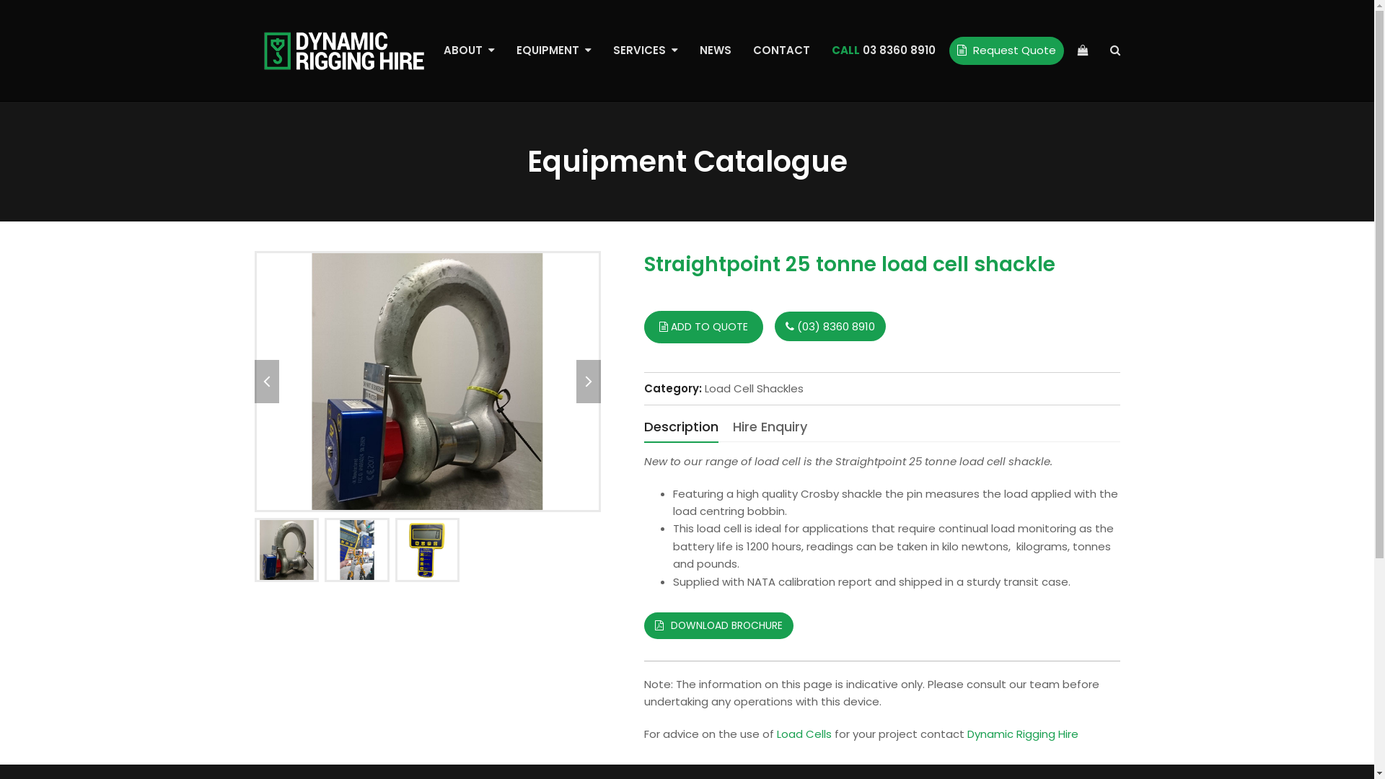 The image size is (1385, 779). Describe the element at coordinates (680, 427) in the screenshot. I see `'Description'` at that location.